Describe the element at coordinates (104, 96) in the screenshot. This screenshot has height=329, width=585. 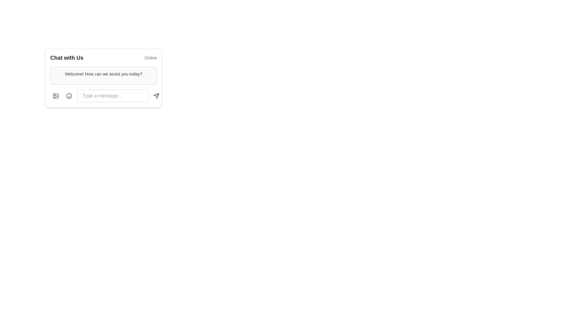
I see `the text box labeled 'Type a message...' in the 'Chat with Us' section to focus on it` at that location.